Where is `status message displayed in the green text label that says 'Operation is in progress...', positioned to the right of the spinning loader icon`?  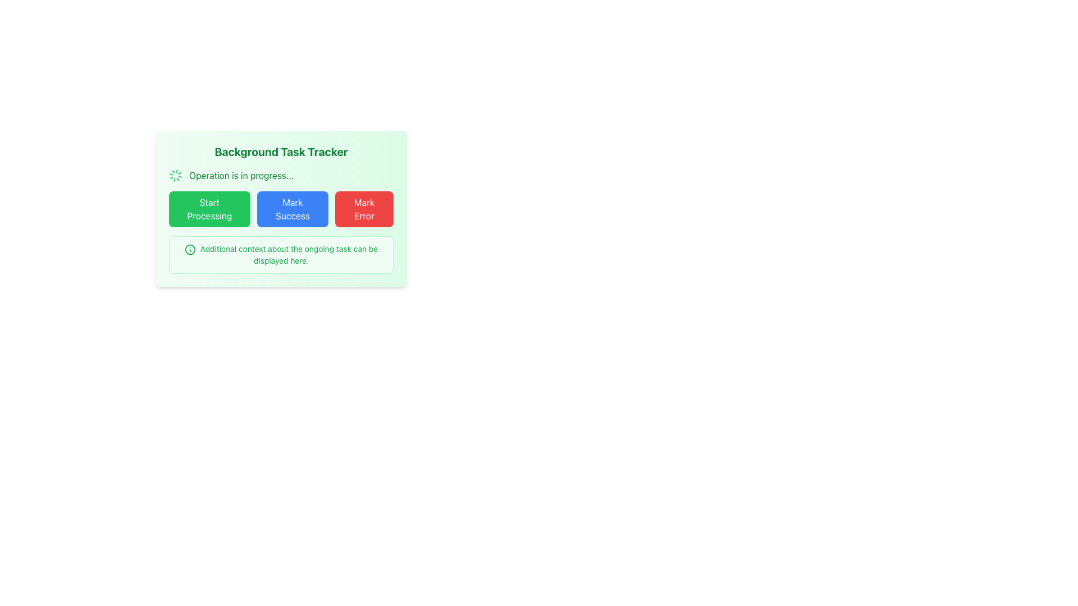 status message displayed in the green text label that says 'Operation is in progress...', positioned to the right of the spinning loader icon is located at coordinates (241, 175).